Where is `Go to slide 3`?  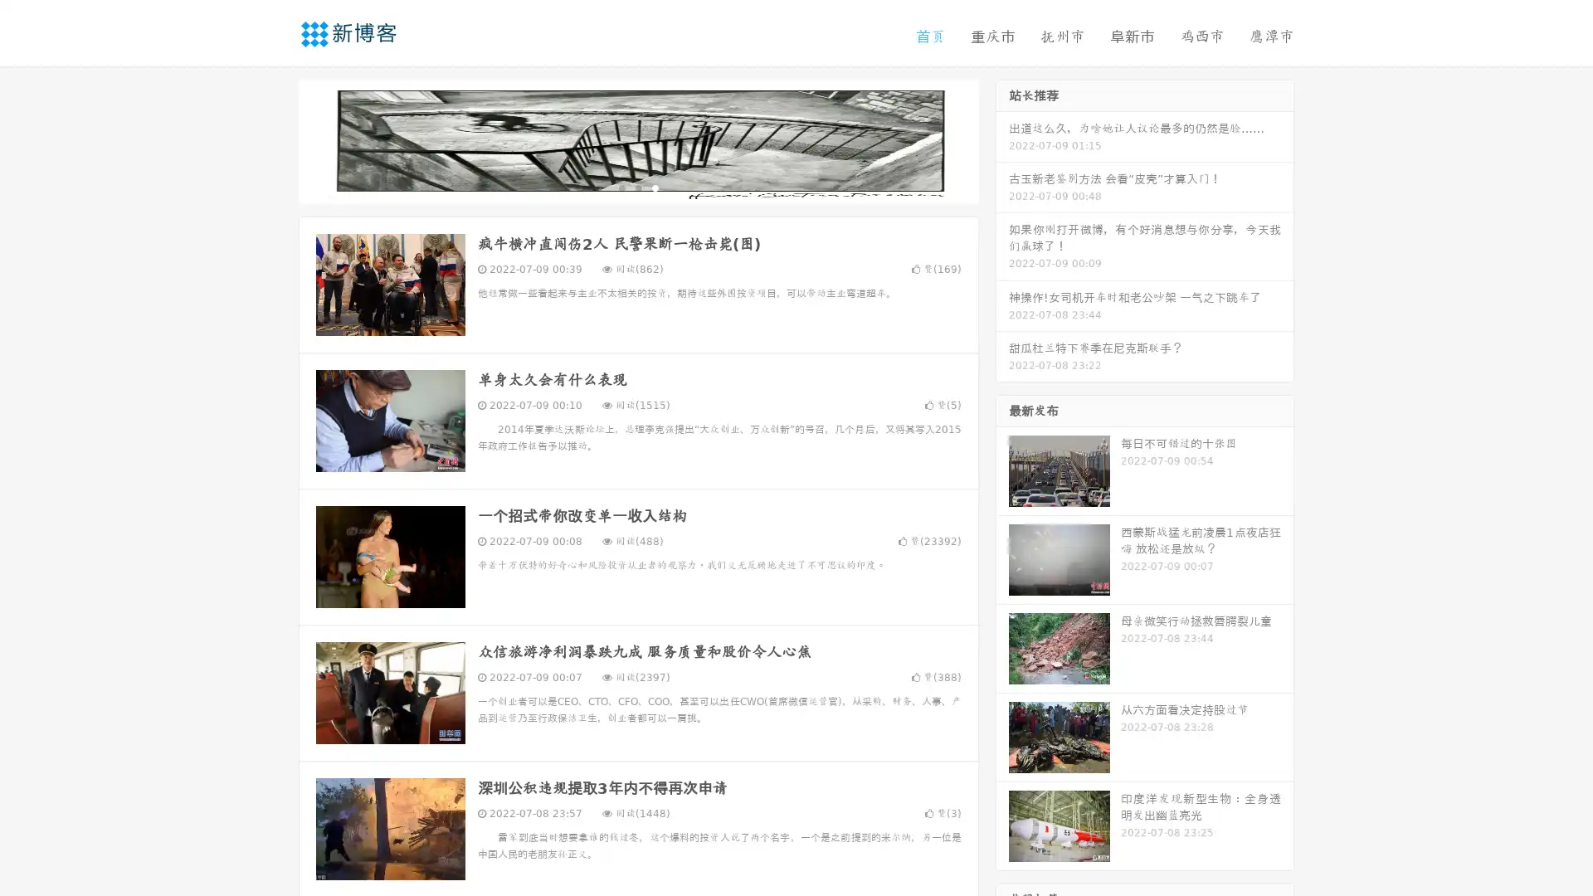
Go to slide 3 is located at coordinates (655, 187).